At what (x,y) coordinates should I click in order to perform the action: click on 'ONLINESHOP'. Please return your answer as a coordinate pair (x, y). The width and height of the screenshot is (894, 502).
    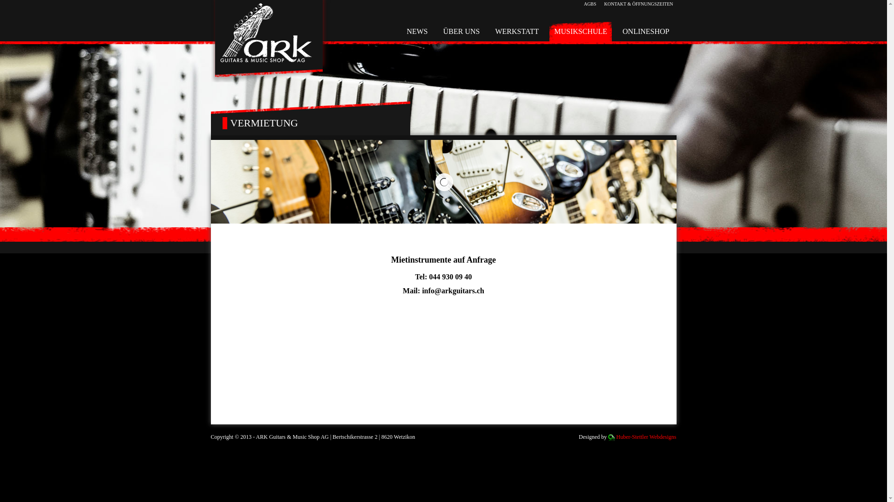
    Looking at the image, I should click on (645, 31).